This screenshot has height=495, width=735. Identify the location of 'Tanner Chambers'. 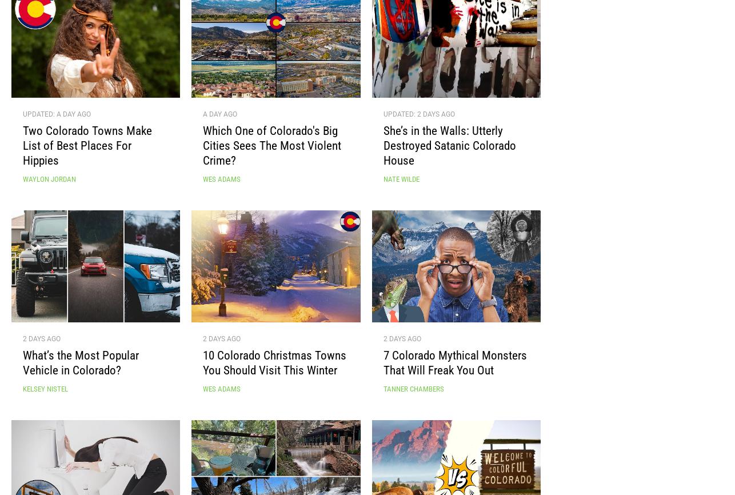
(413, 393).